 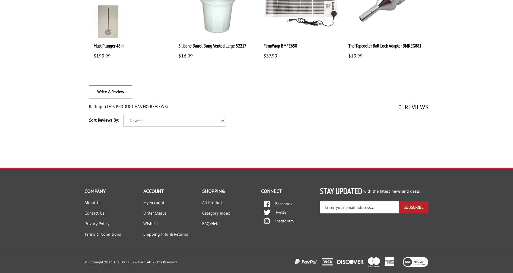 What do you see at coordinates (97, 223) in the screenshot?
I see `'Privacy Policy'` at bounding box center [97, 223].